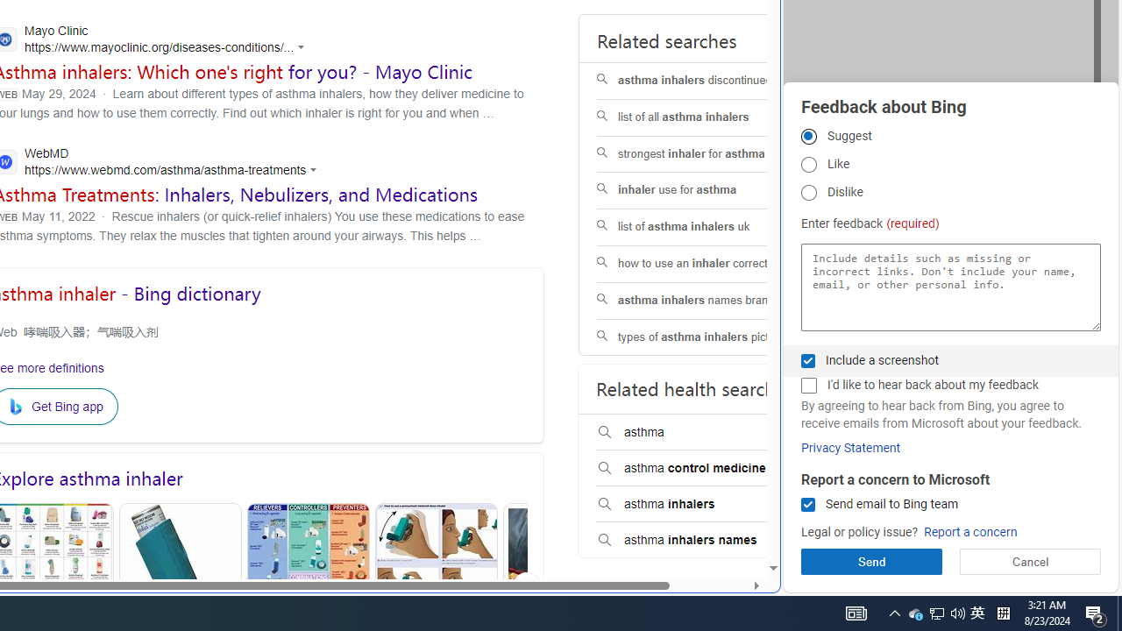 The height and width of the screenshot is (631, 1122). I want to click on 'how to use an inhaler correctly', so click(707, 264).